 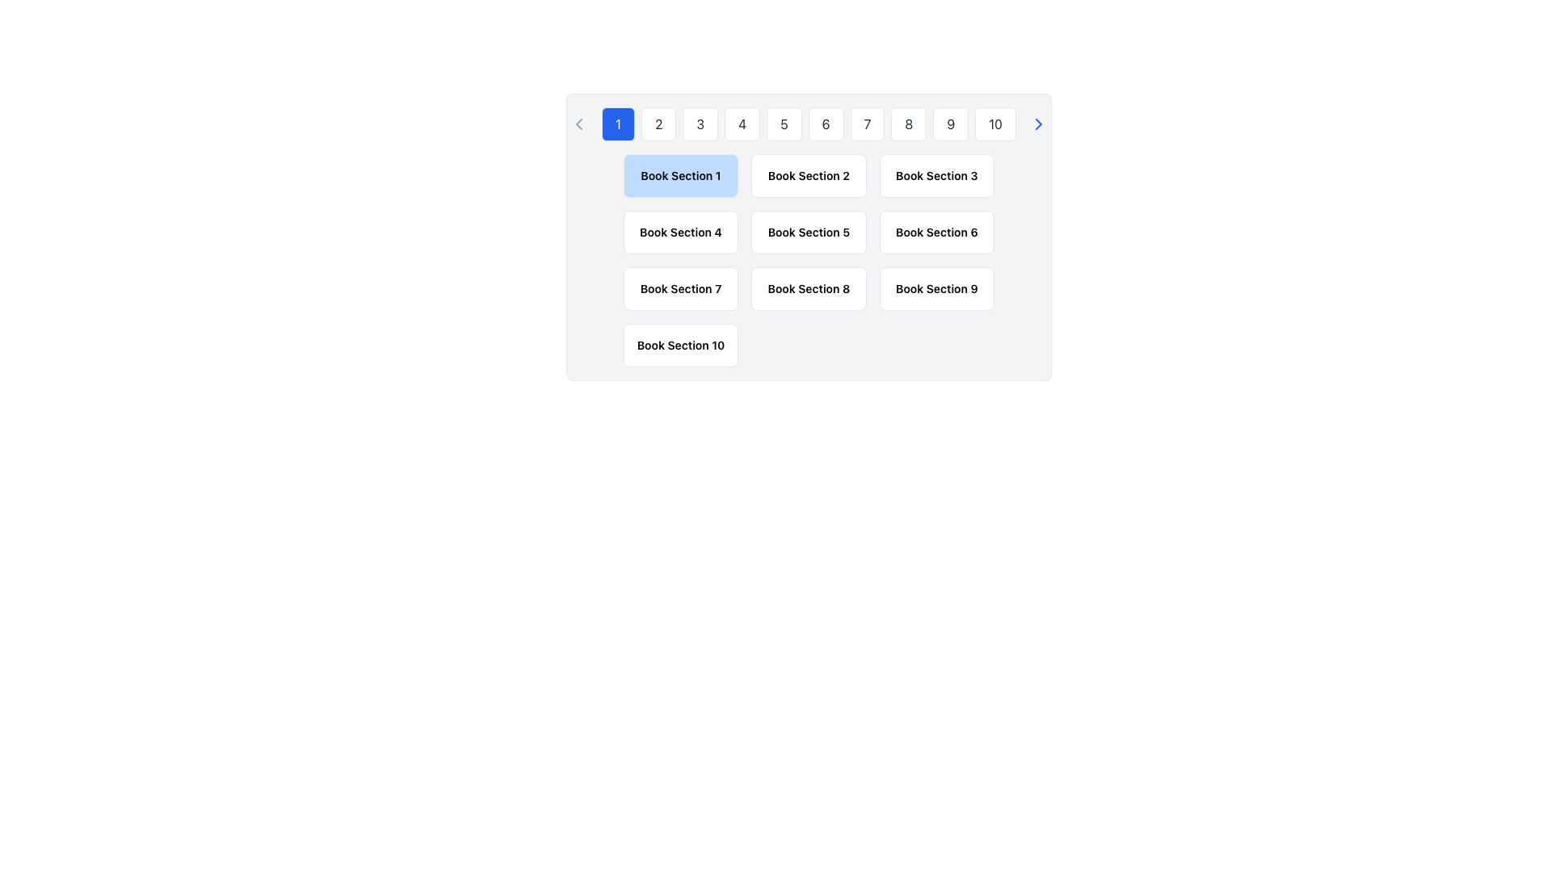 I want to click on the 'Book Section 5' button, which is a rectangular box with a white background and a central text alignment, so click(x=809, y=237).